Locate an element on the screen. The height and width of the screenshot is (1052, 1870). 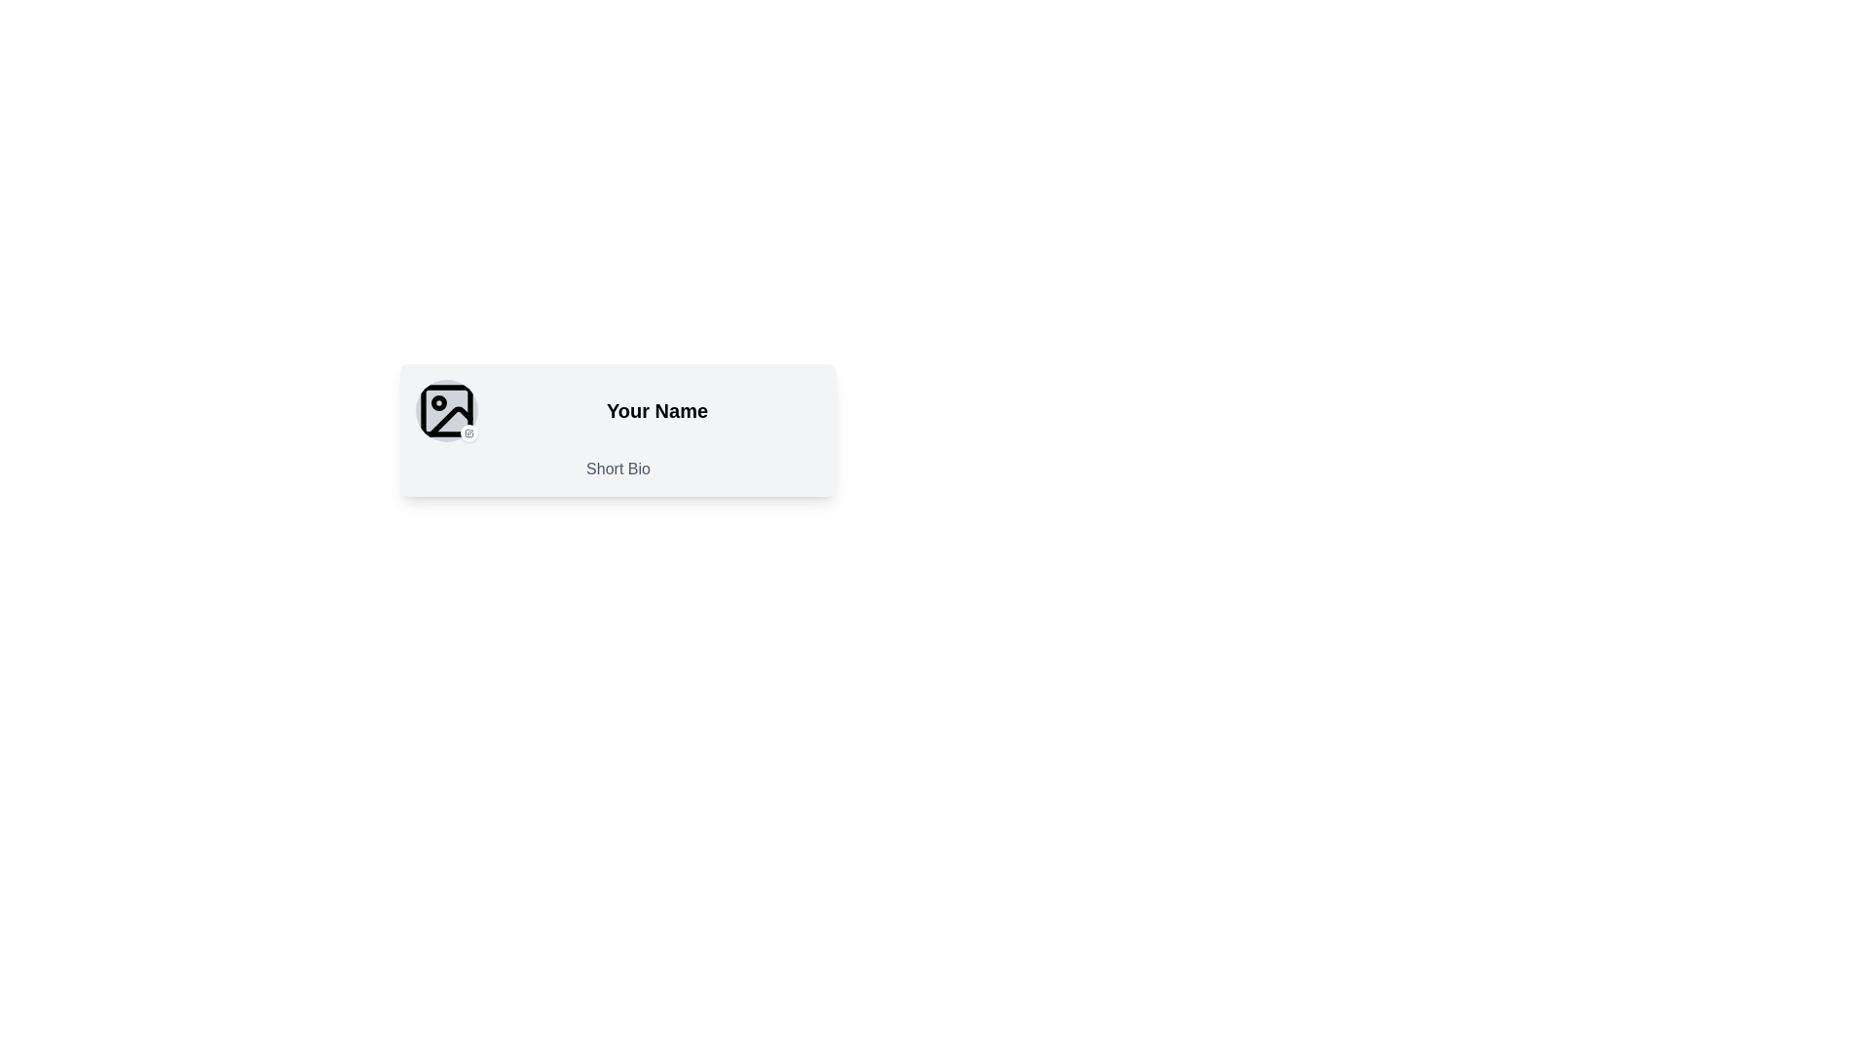
the 'Short Bio' text label, which is a bold, gray-colored label centered below the 'Your Name' label is located at coordinates (617, 470).